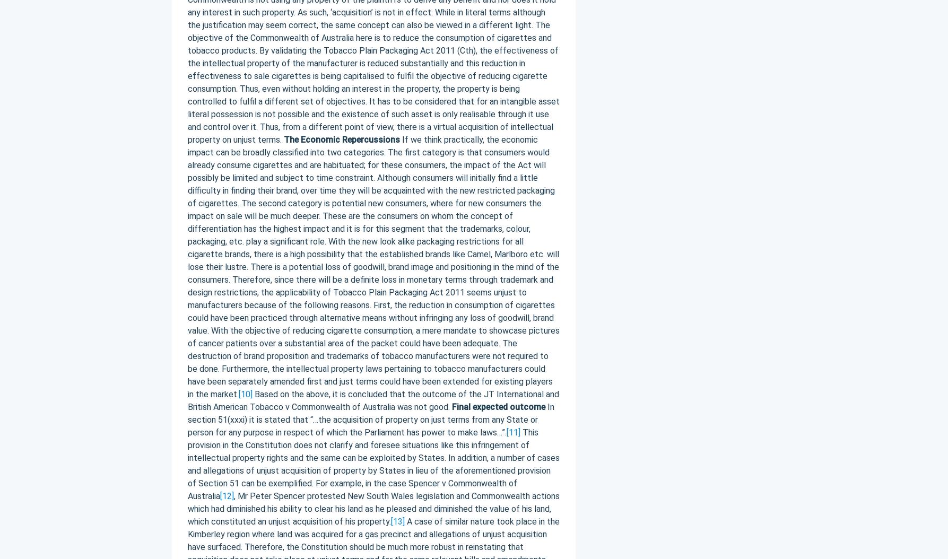 Image resolution: width=948 pixels, height=559 pixels. Describe the element at coordinates (498, 406) in the screenshot. I see `'Final expected outcome'` at that location.